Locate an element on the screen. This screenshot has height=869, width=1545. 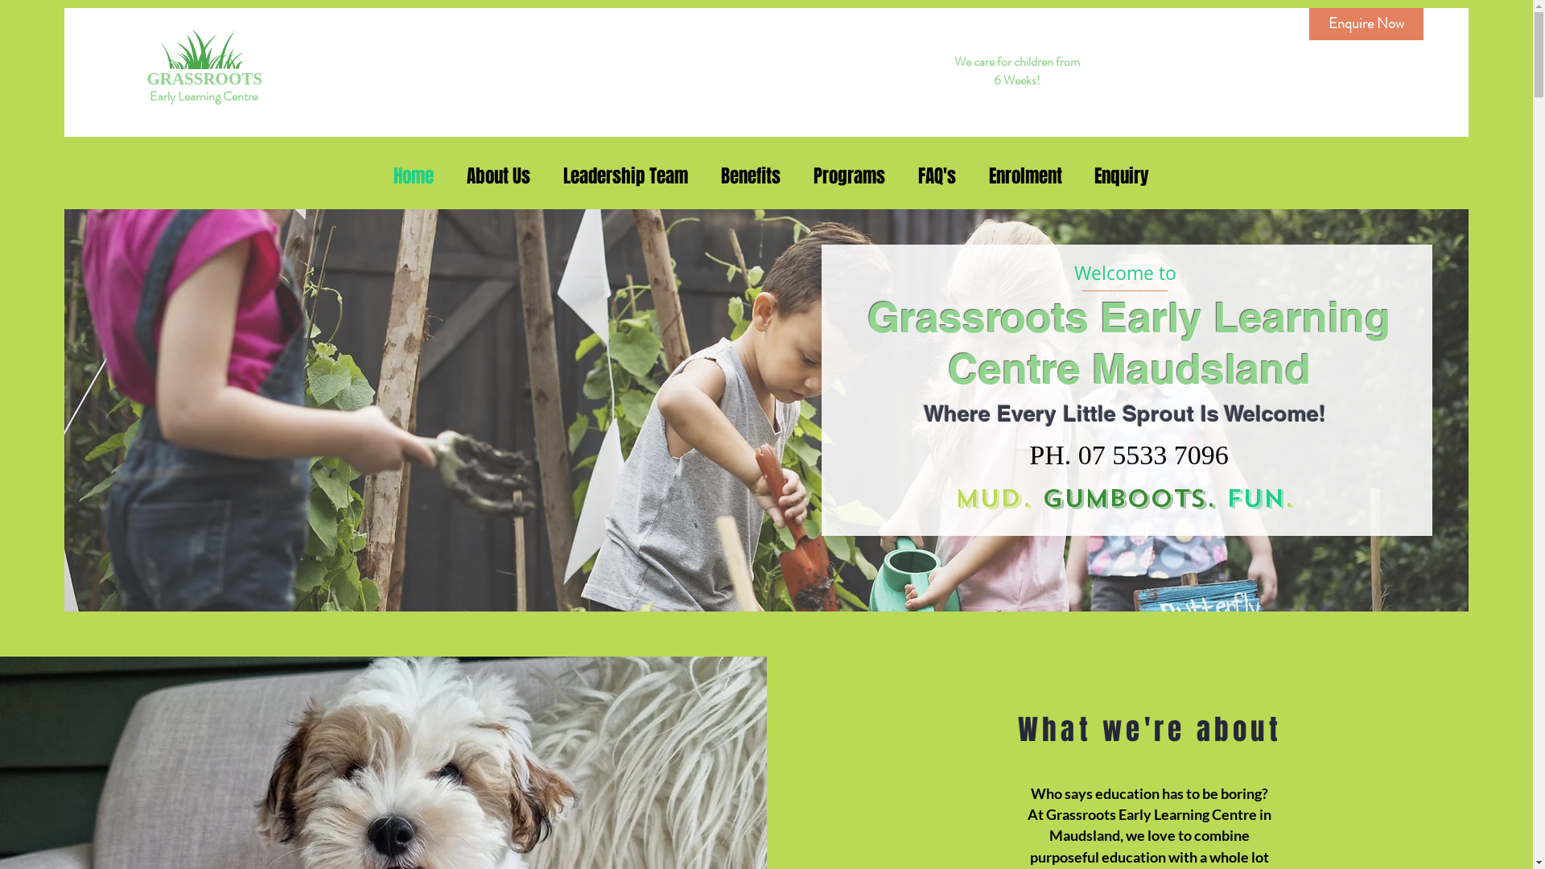
'We care for children from 6 Weeks!' is located at coordinates (1016, 70).